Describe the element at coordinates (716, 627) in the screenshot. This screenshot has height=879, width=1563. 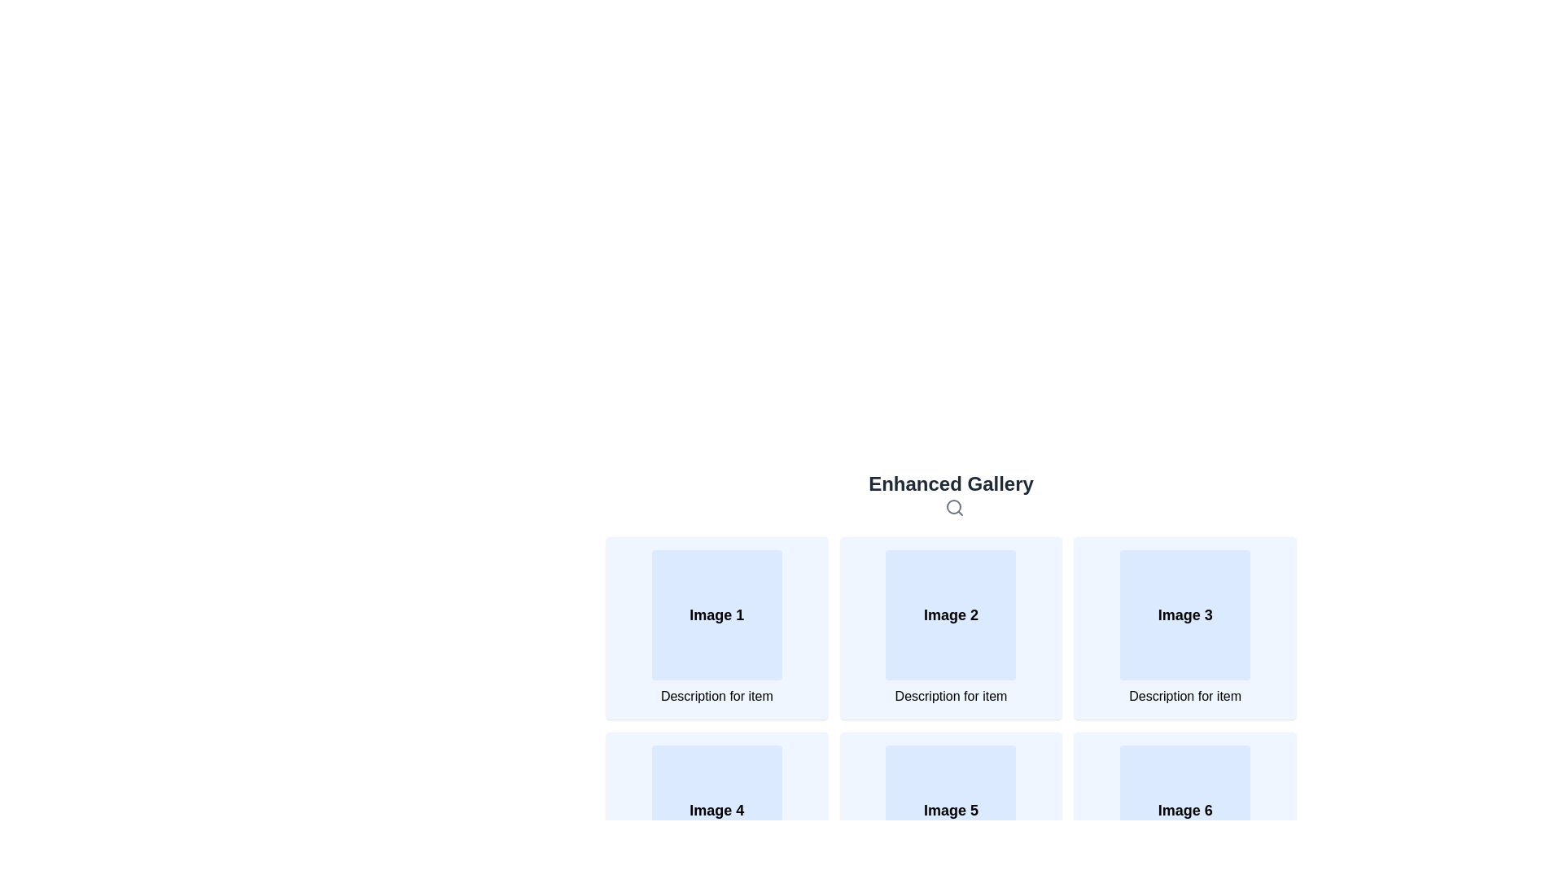
I see `the first card element in the gallery` at that location.